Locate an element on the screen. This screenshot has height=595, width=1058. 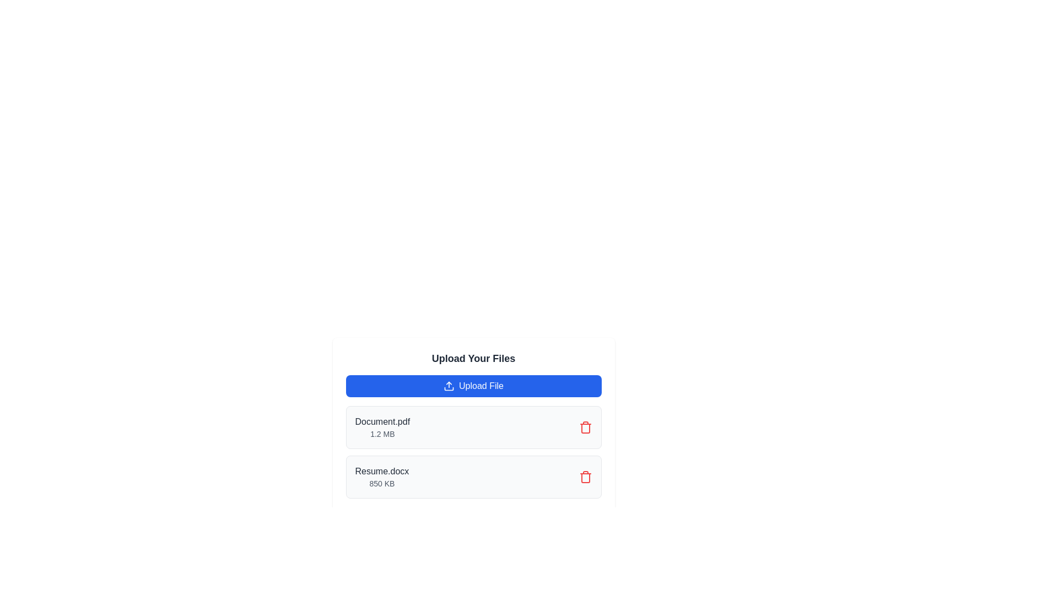
the trash icon button located to the right of the 'Resume.docx' file entry, which serves as the delete button for the file is located at coordinates (585, 477).